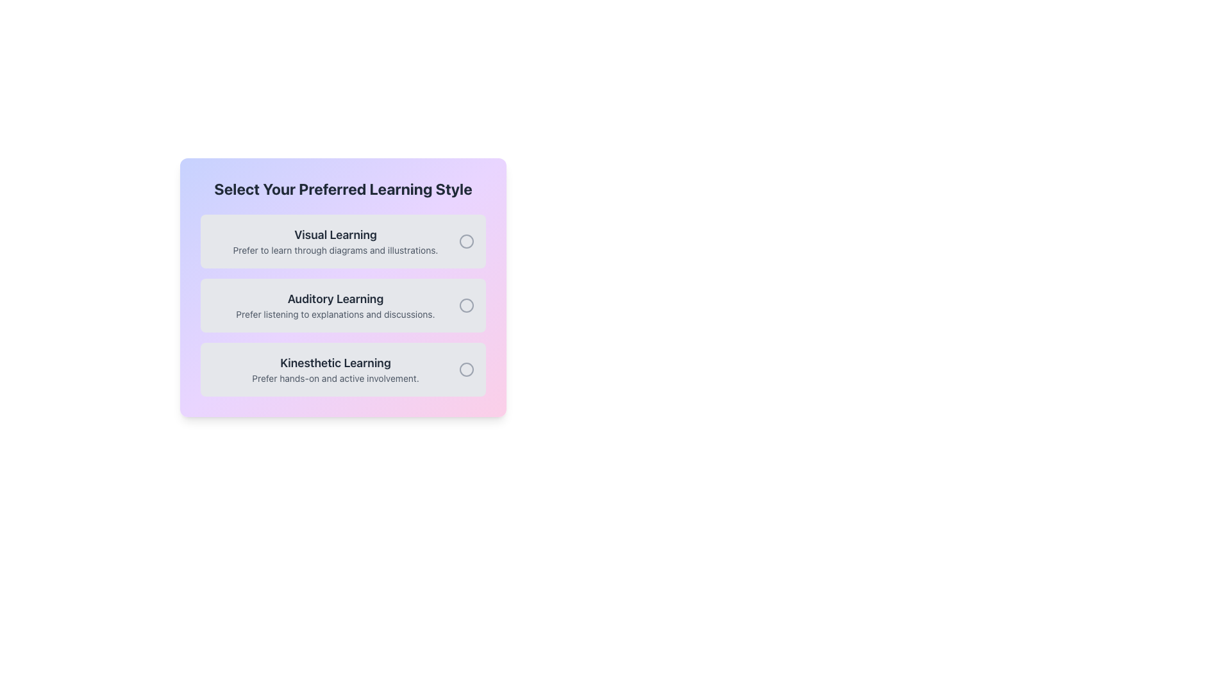 The height and width of the screenshot is (692, 1231). What do you see at coordinates (335, 363) in the screenshot?
I see `the text label reading 'Kinesthetic Learning', which is styled in a larger, bold font and positioned centrally in the list of learning styles` at bounding box center [335, 363].